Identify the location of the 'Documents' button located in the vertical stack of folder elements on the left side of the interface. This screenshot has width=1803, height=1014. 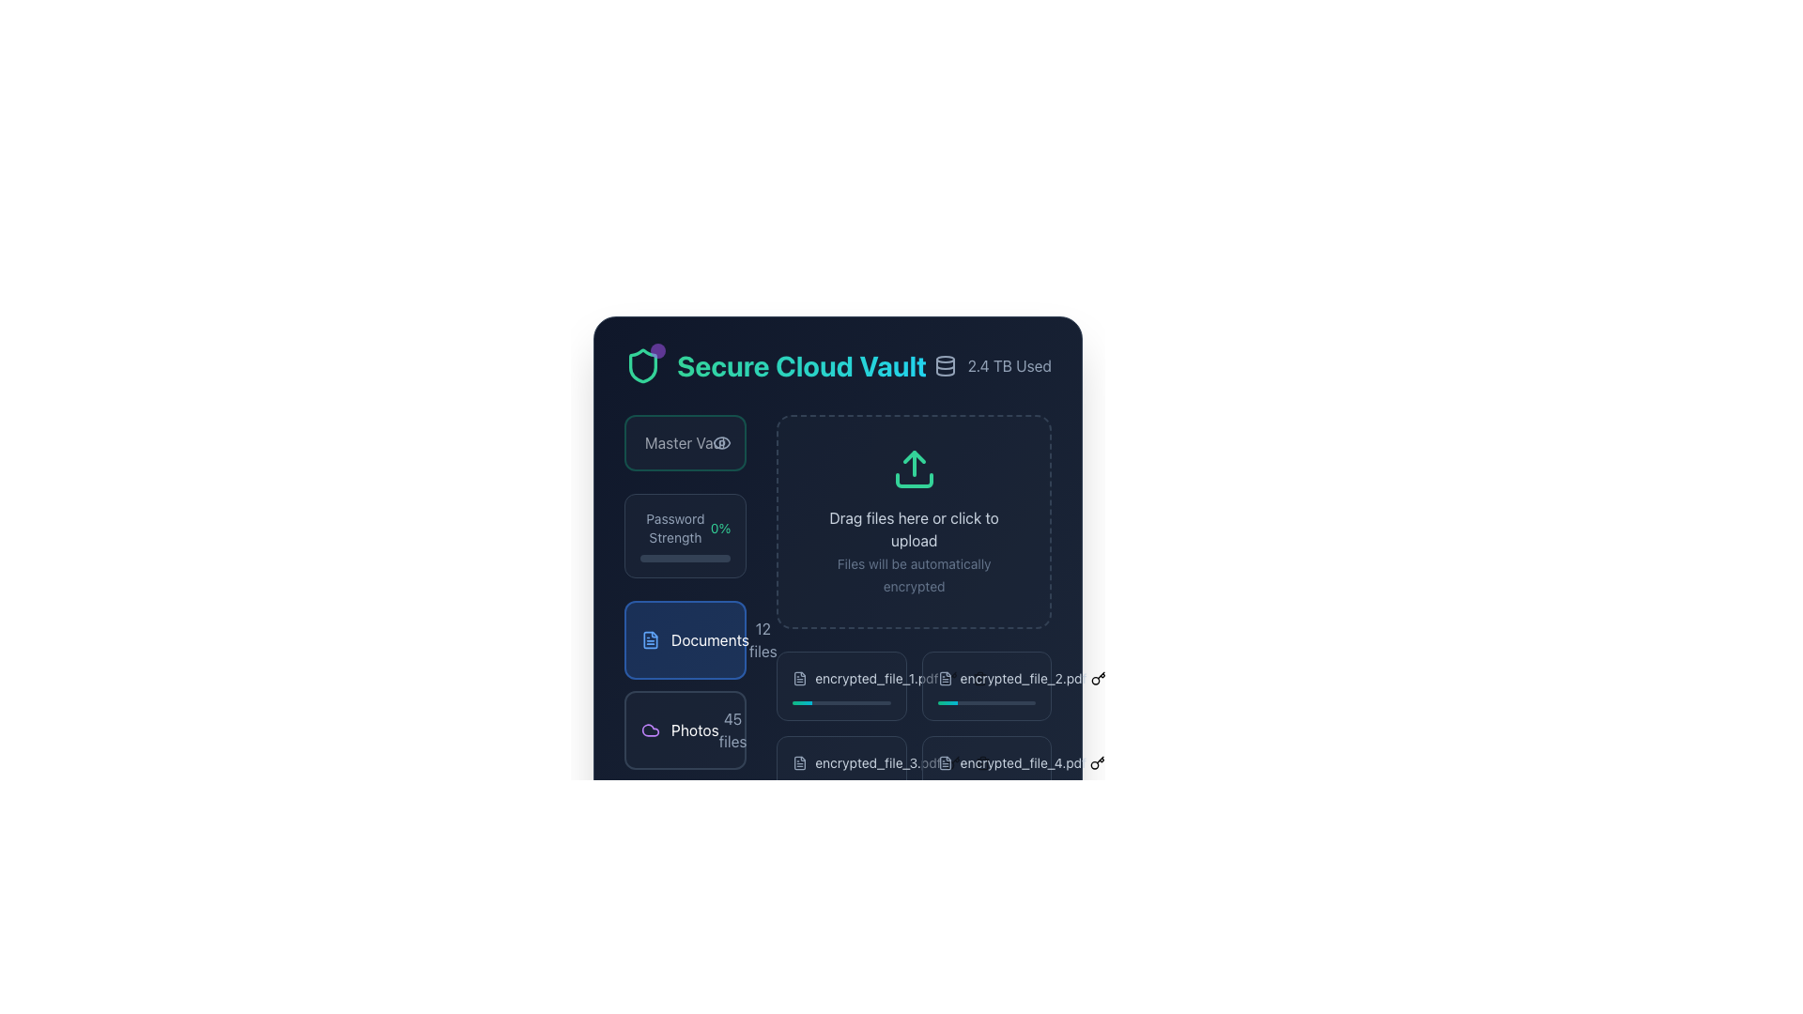
(685, 639).